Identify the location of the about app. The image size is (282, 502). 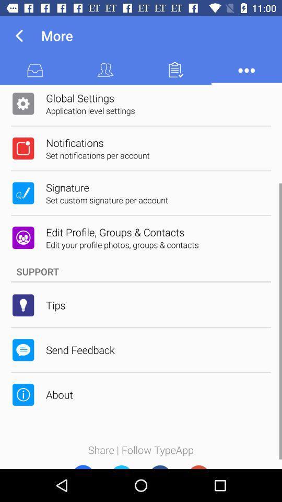
(59, 394).